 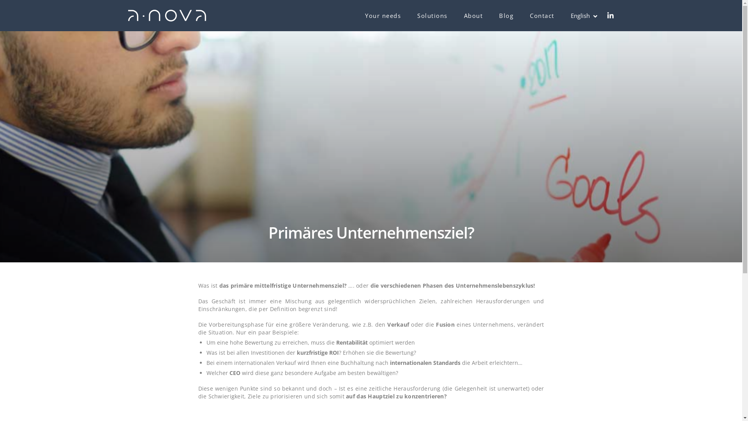 What do you see at coordinates (524, 294) in the screenshot?
I see `'Nous contacter'` at bounding box center [524, 294].